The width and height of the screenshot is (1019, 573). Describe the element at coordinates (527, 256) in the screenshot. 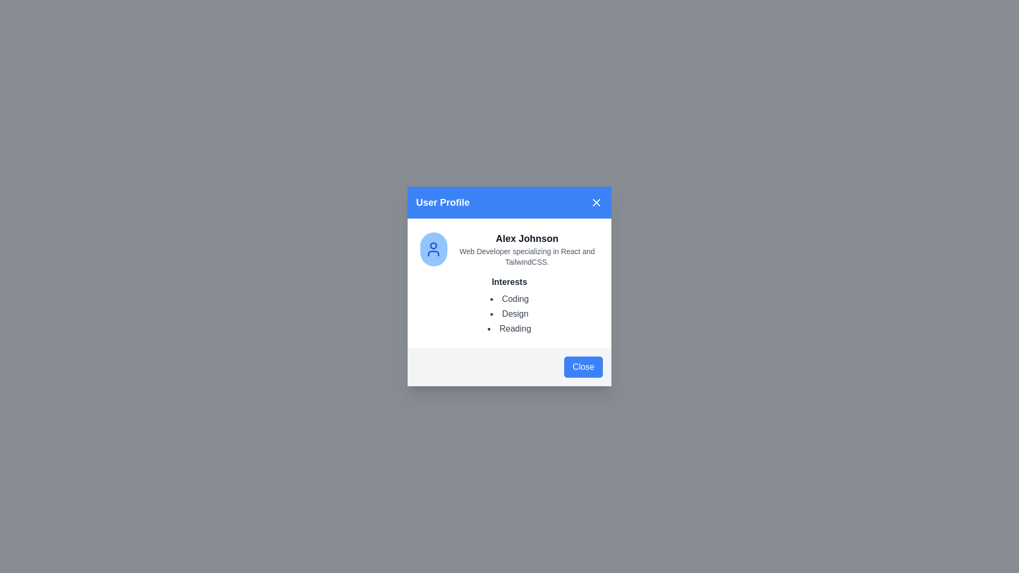

I see `text element stating 'Web Developer specializing in React and TailwindCSS.' which is located directly below the name 'Alex Johnson' in the user profile card` at that location.